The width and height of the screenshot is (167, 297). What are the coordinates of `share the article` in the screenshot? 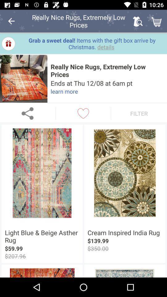 It's located at (27, 113).